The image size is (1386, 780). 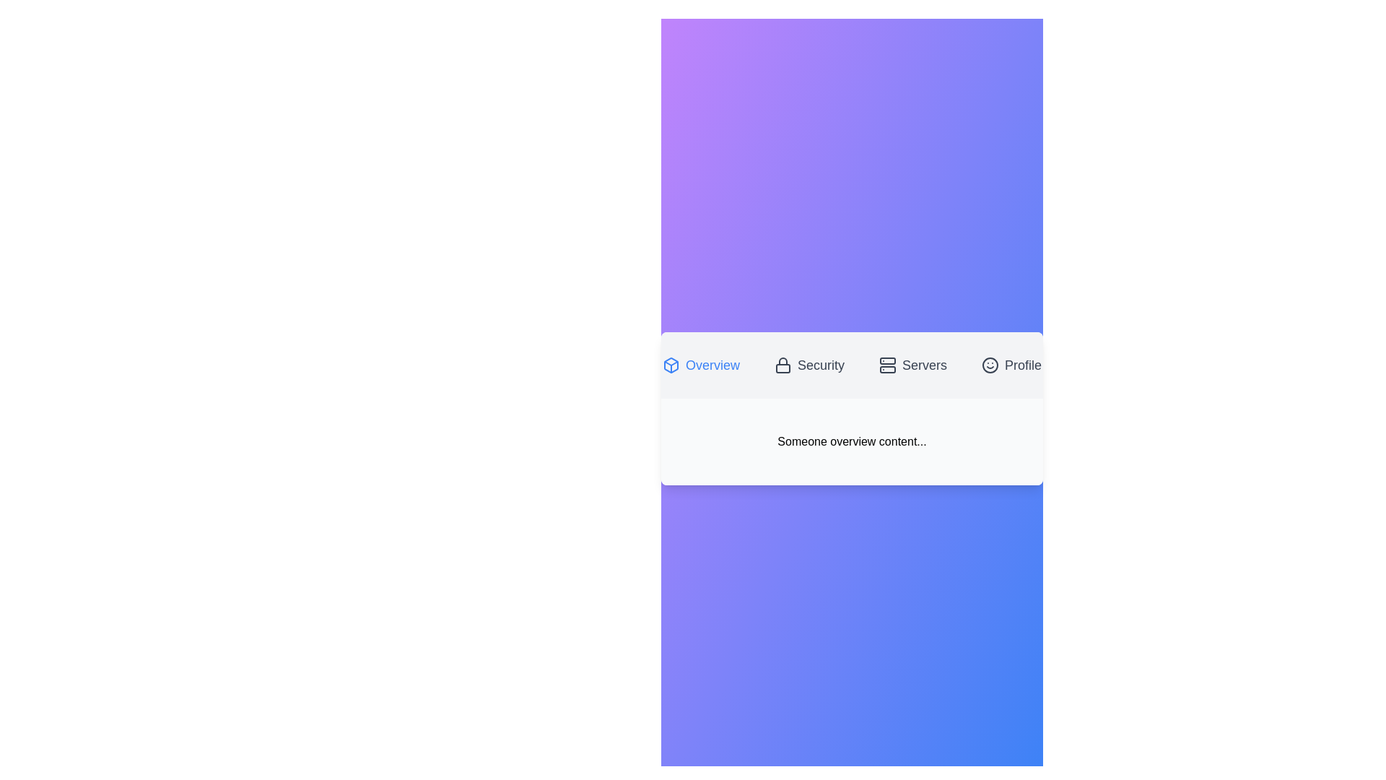 What do you see at coordinates (886, 364) in the screenshot?
I see `the icon resembling two server racks` at bounding box center [886, 364].